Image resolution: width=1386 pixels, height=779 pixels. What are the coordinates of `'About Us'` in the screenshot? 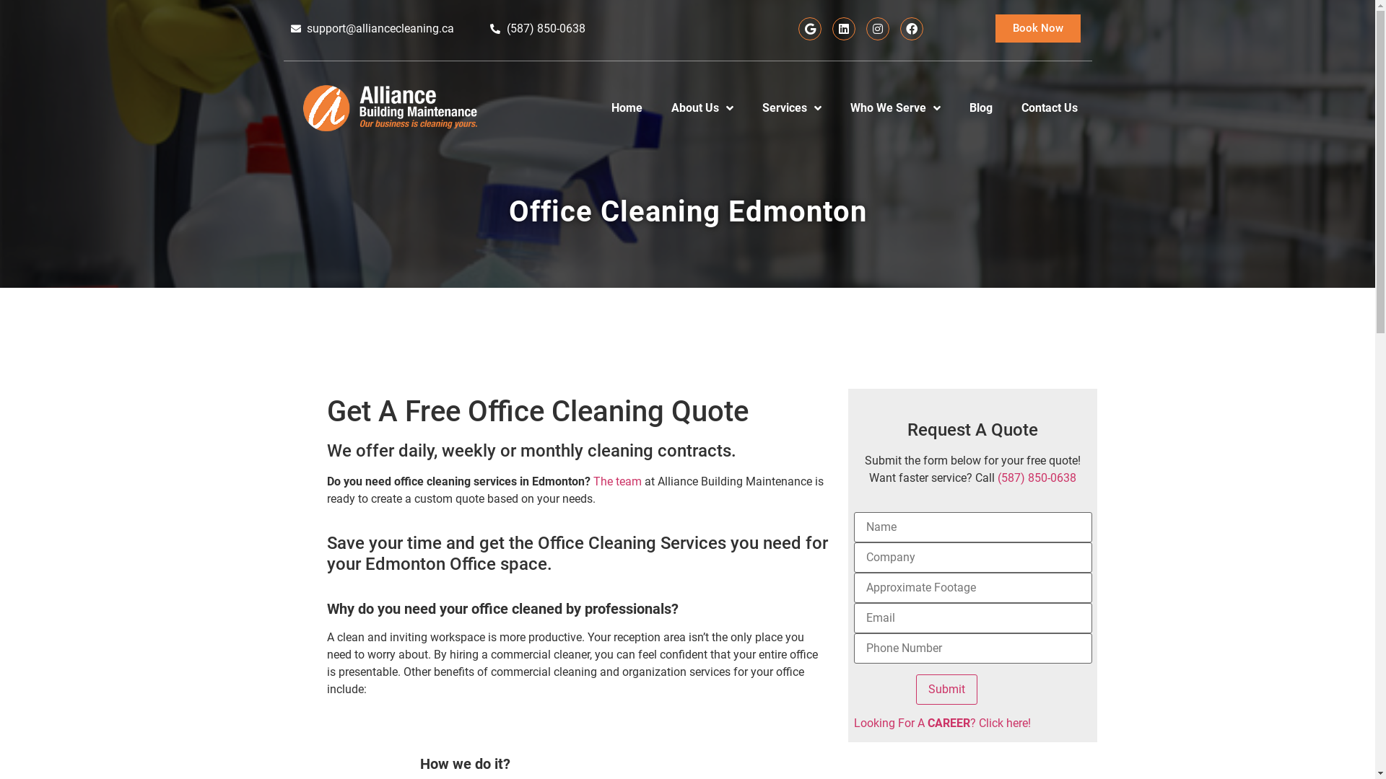 It's located at (702, 107).